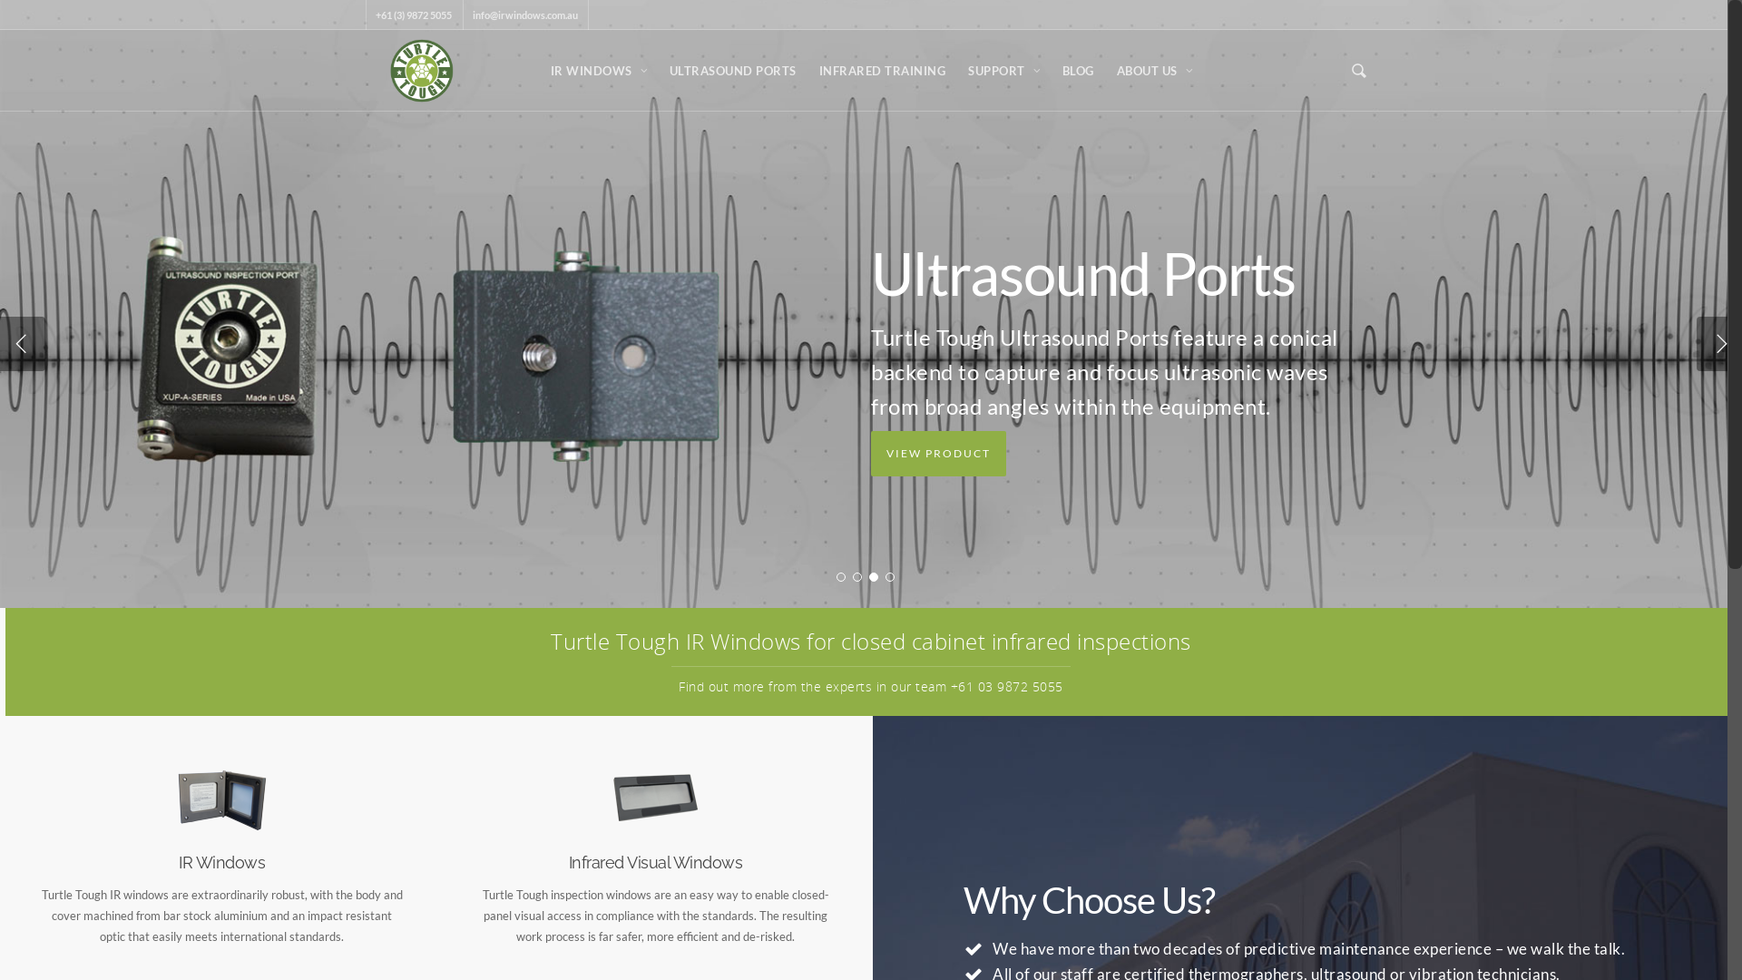 This screenshot has width=1742, height=980. I want to click on 'info@irwindows.com.au', so click(524, 15).